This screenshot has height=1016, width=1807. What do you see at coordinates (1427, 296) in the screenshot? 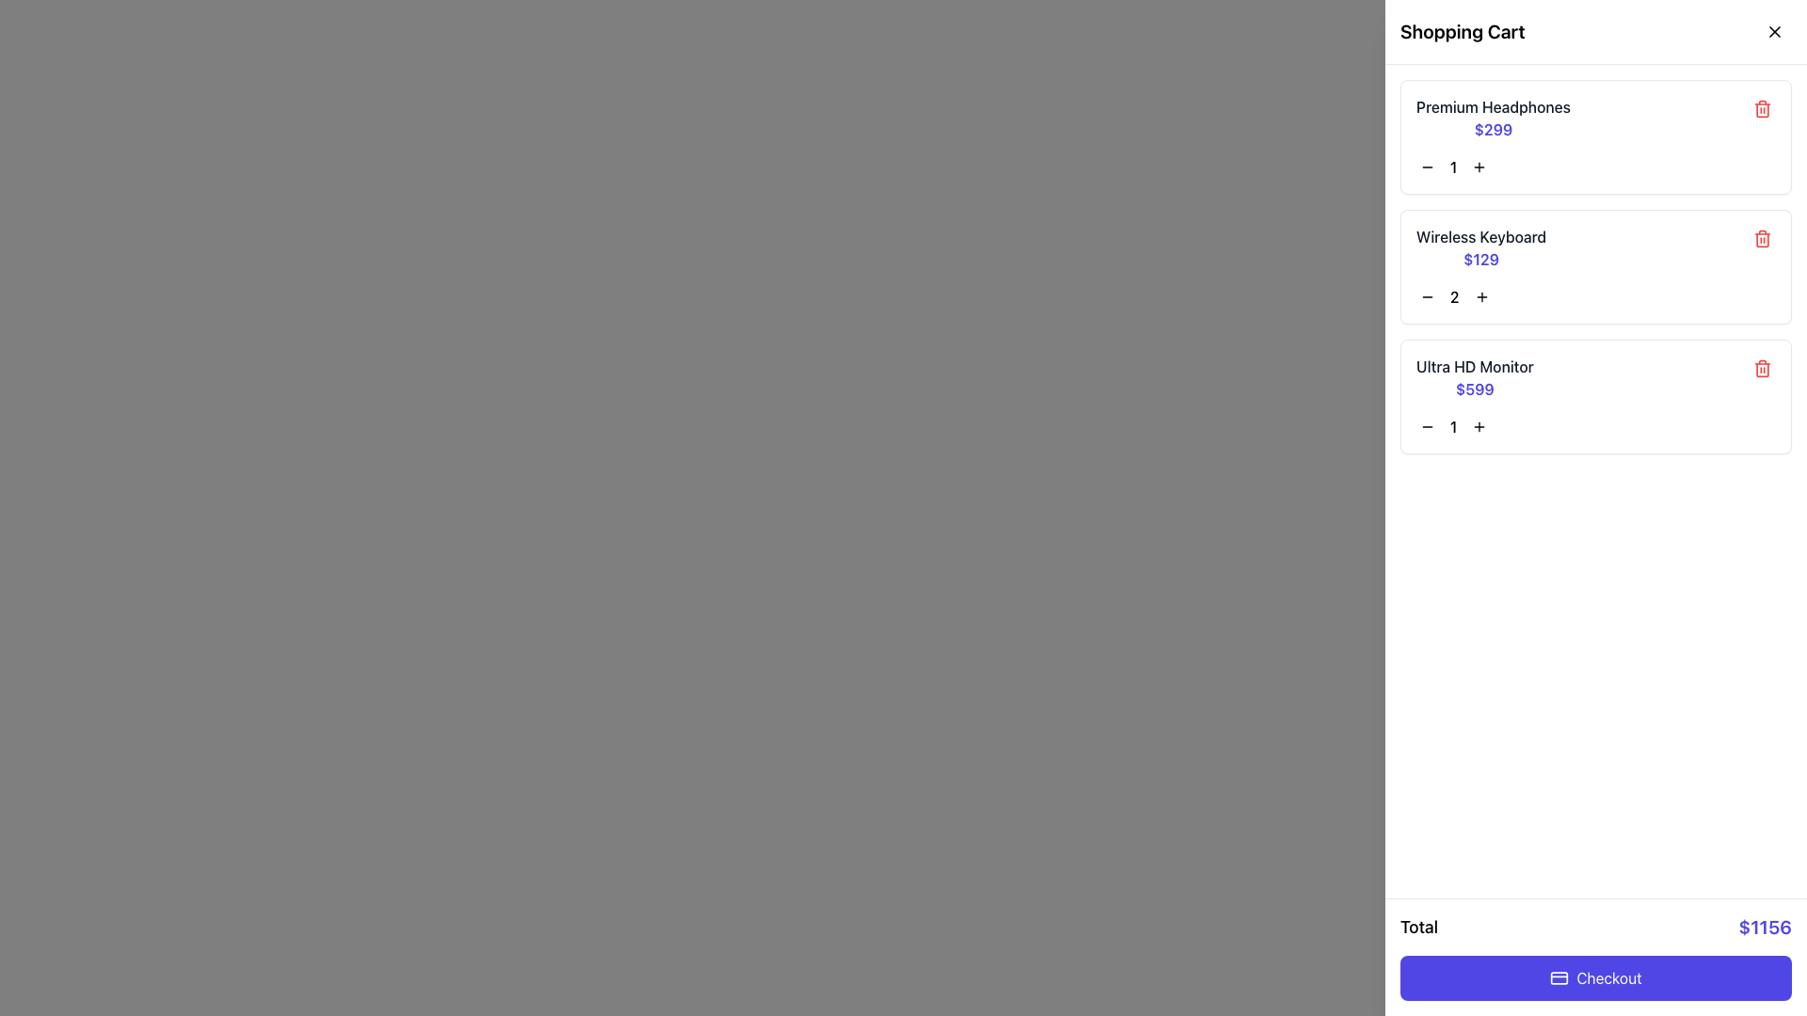
I see `the decrement button for adjusting the quantity of the 'Wireless Keyboard' in the shopping cart` at bounding box center [1427, 296].